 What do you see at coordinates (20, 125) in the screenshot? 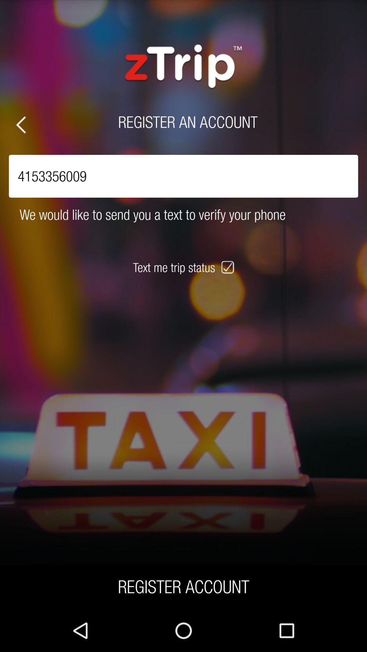
I see `the icon to the left of register an account icon` at bounding box center [20, 125].